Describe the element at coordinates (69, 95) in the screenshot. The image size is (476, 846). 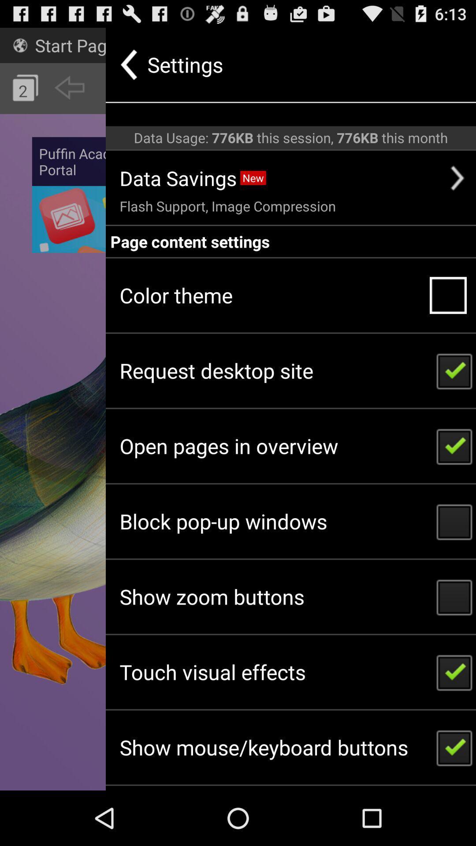
I see `the arrow_backward icon` at that location.